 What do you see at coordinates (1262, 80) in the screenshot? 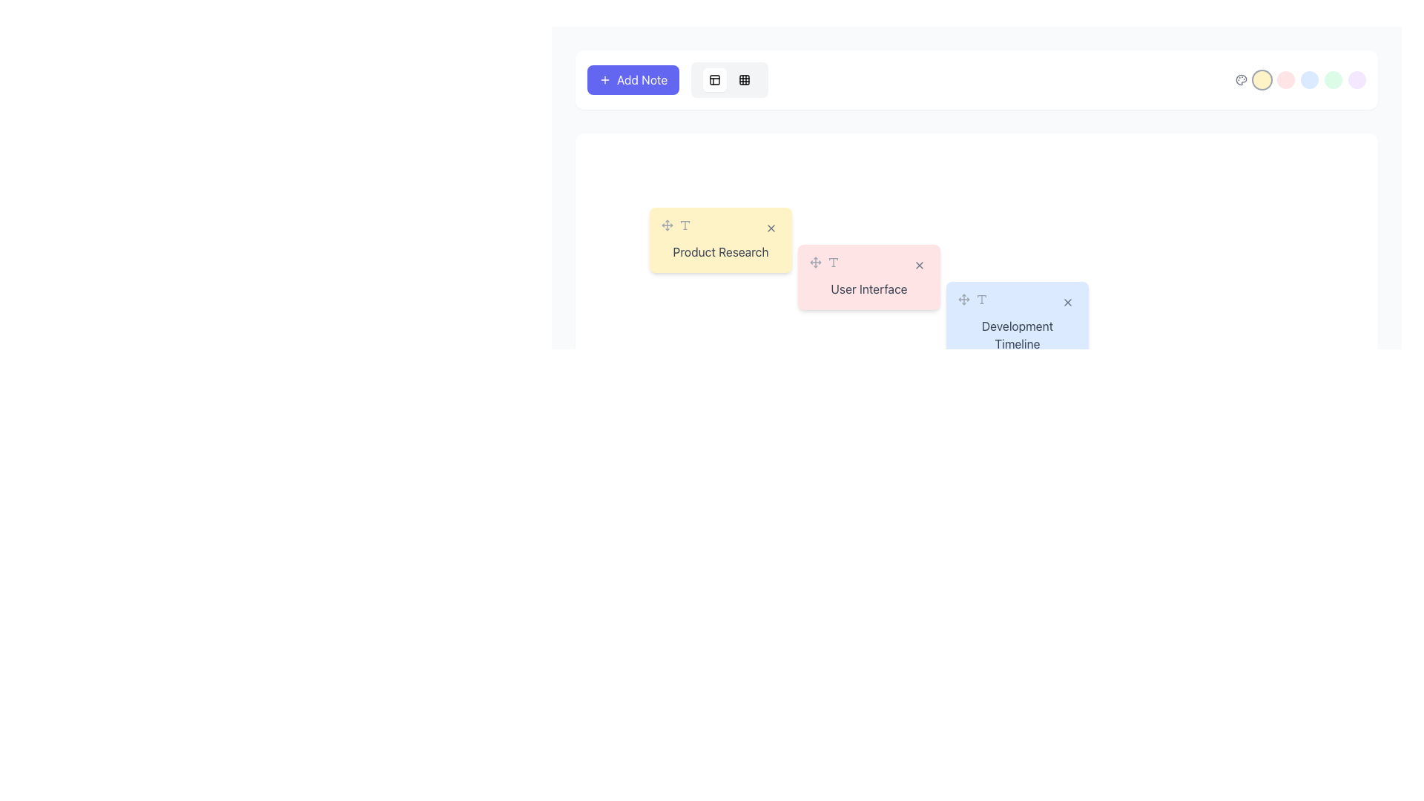
I see `the second button from the left in the top-right section of the interface to trigger the hover effect` at bounding box center [1262, 80].